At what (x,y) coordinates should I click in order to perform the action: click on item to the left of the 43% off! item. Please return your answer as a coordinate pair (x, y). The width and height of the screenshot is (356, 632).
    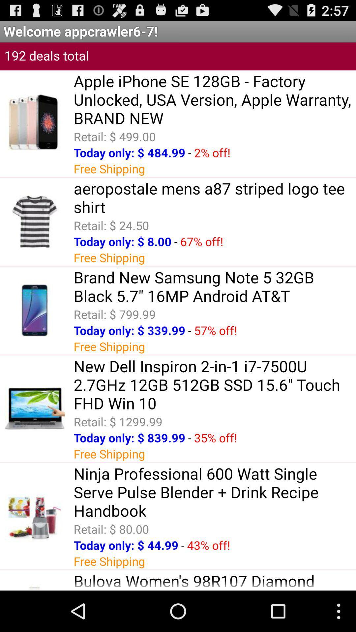
    Looking at the image, I should click on (183, 545).